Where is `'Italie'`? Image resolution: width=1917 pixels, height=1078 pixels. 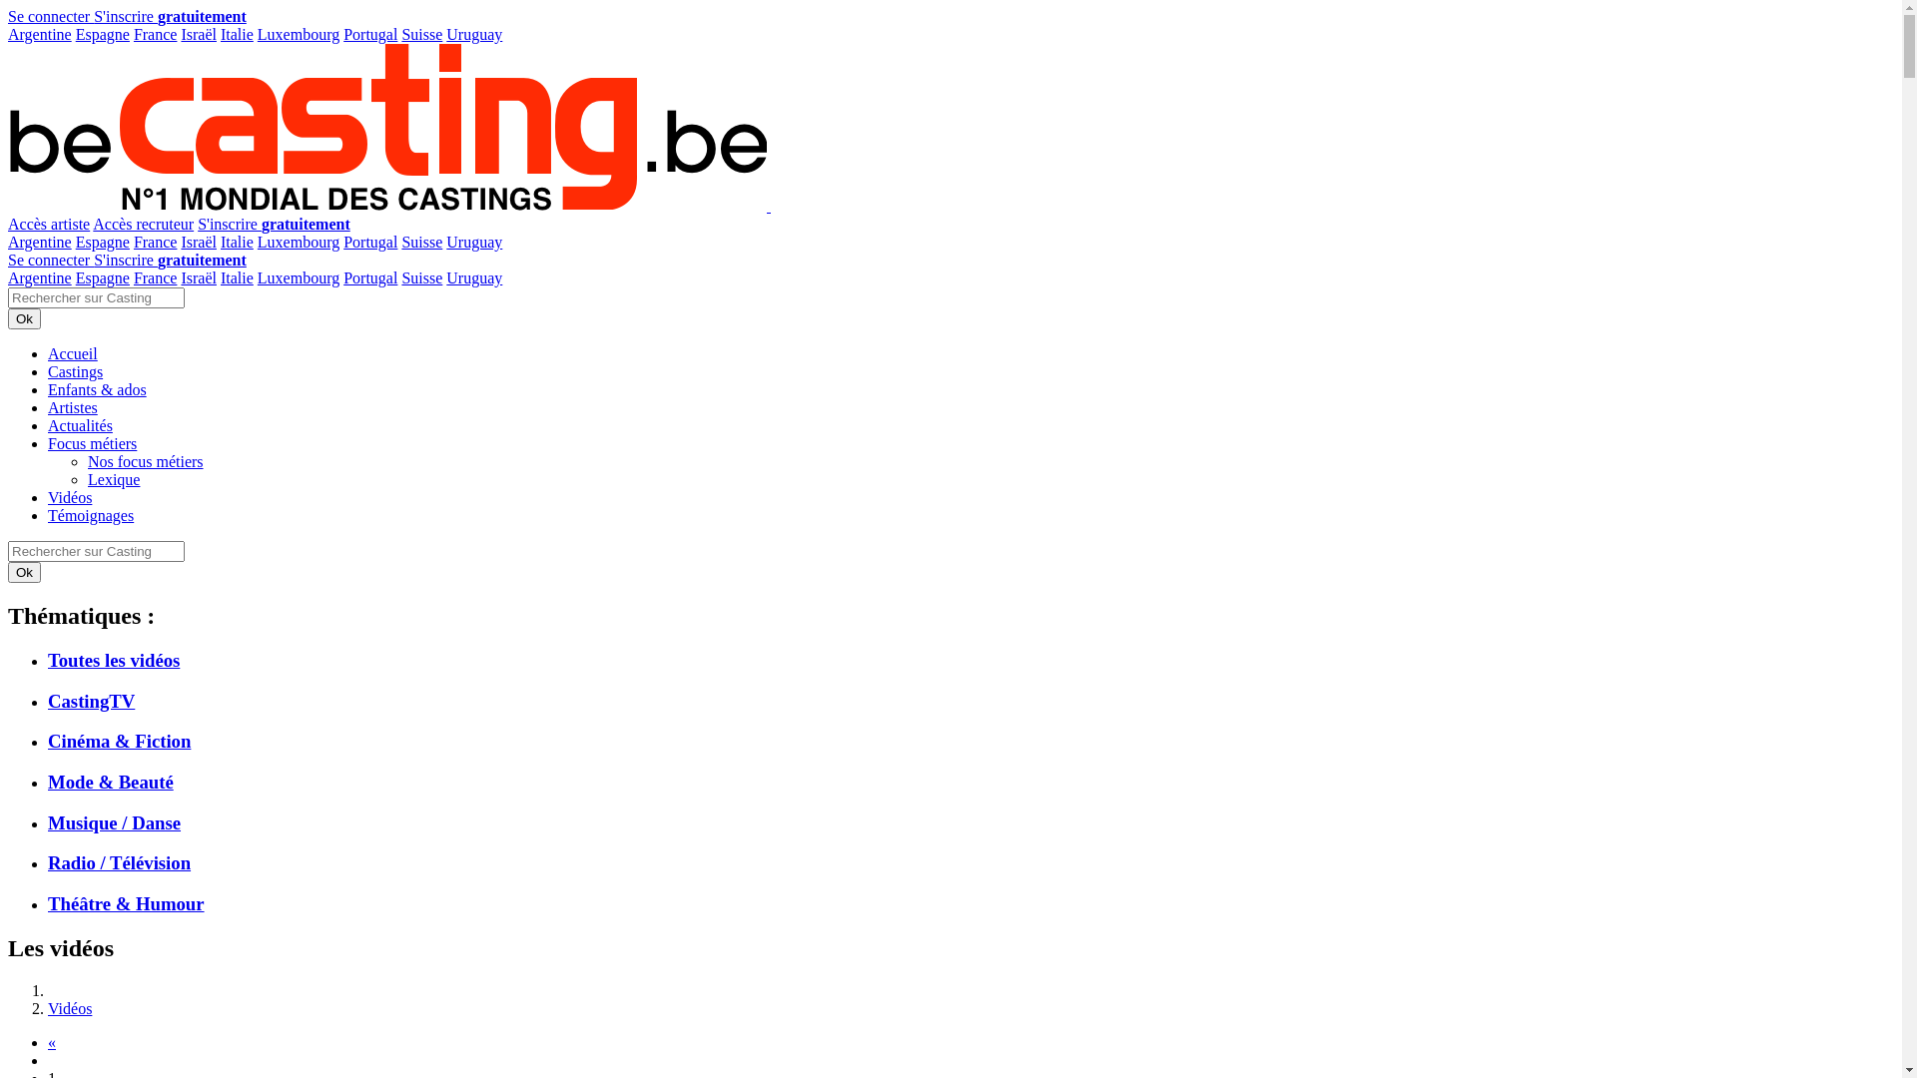 'Italie' is located at coordinates (237, 241).